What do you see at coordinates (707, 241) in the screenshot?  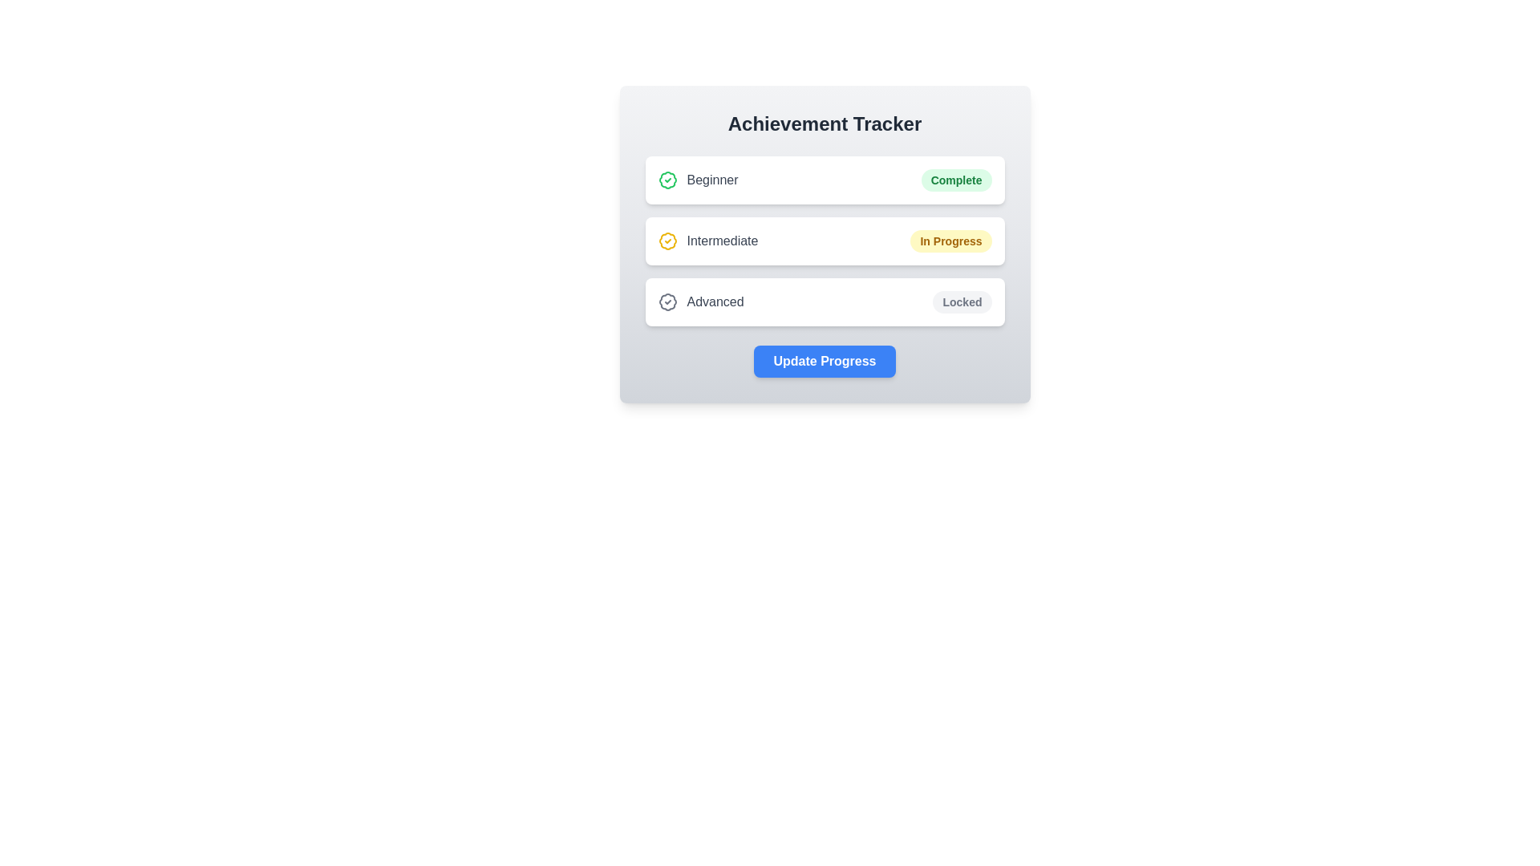 I see `the 'Intermediate' level label with icon in the Achievement Tracker, which indicates progress status` at bounding box center [707, 241].